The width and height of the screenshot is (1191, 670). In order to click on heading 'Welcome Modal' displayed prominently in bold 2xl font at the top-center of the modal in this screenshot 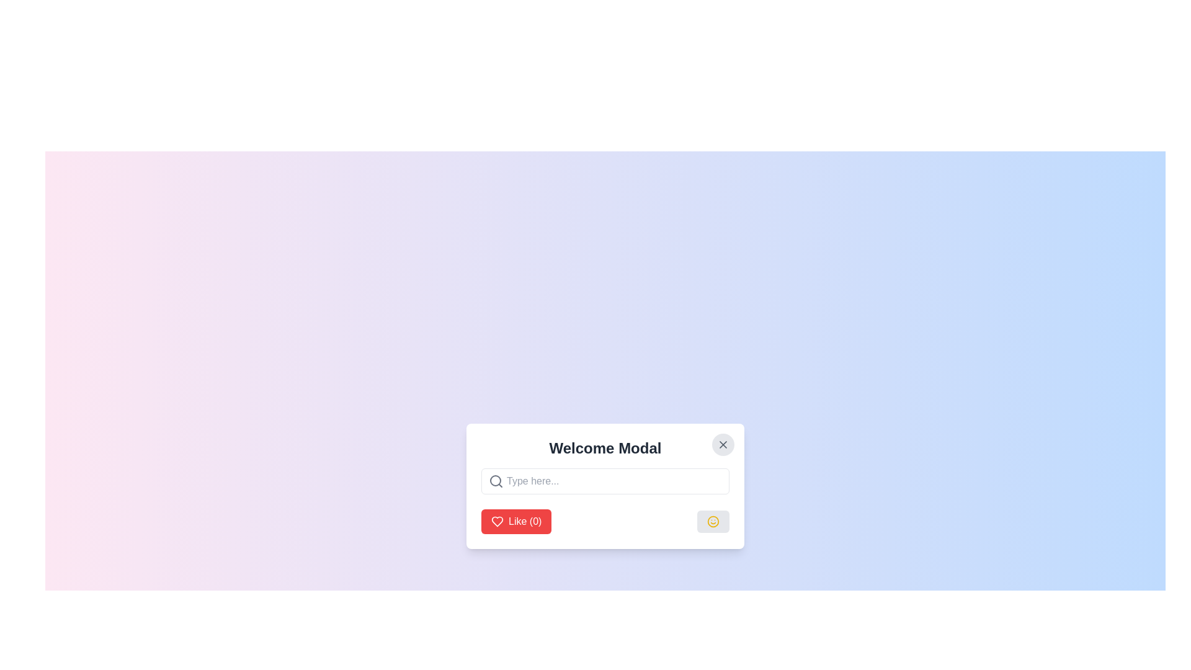, I will do `click(605, 448)`.